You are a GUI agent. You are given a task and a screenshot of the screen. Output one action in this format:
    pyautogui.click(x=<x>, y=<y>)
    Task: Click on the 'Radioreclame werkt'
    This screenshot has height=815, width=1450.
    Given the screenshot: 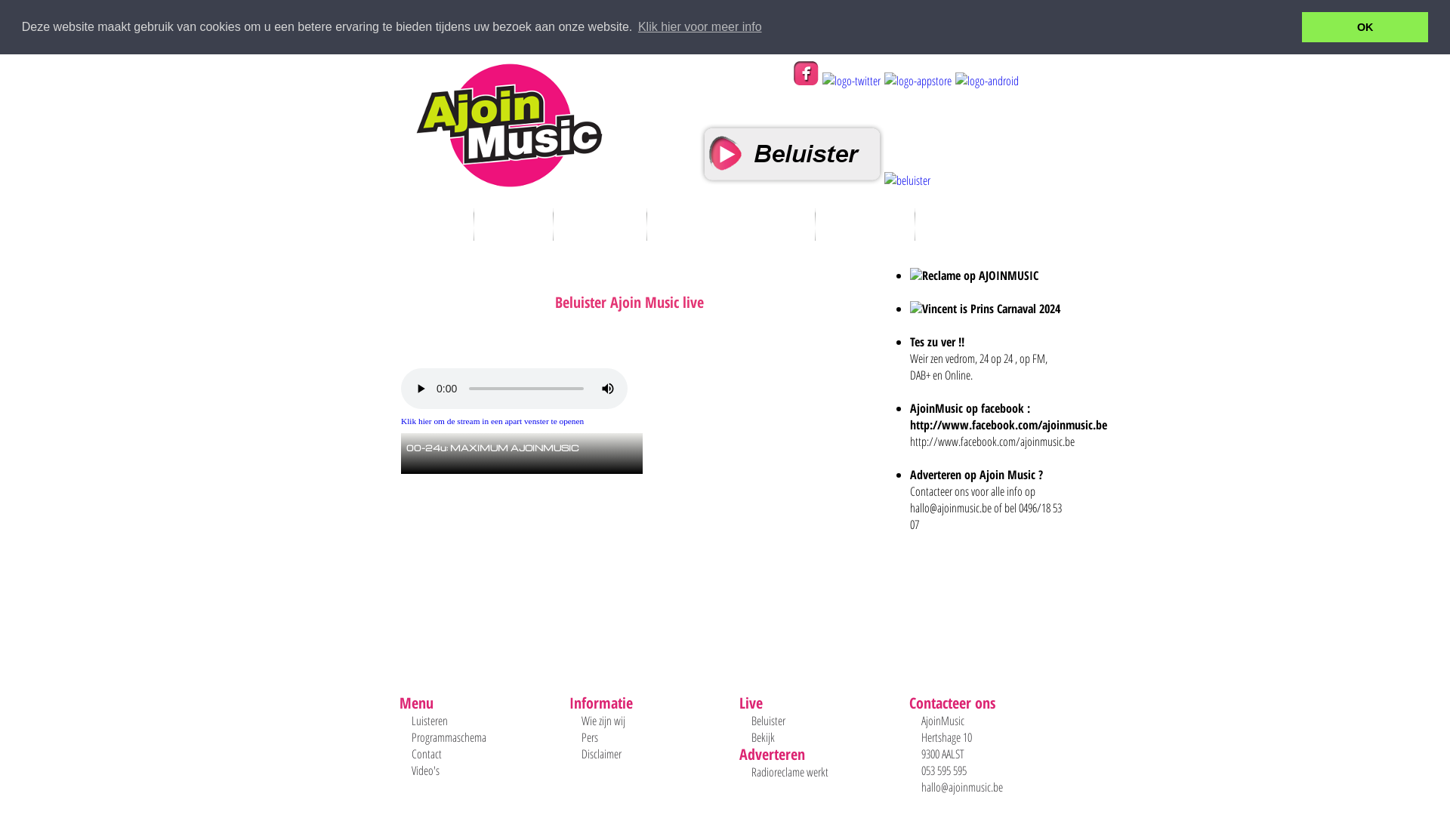 What is the action you would take?
    pyautogui.click(x=789, y=771)
    